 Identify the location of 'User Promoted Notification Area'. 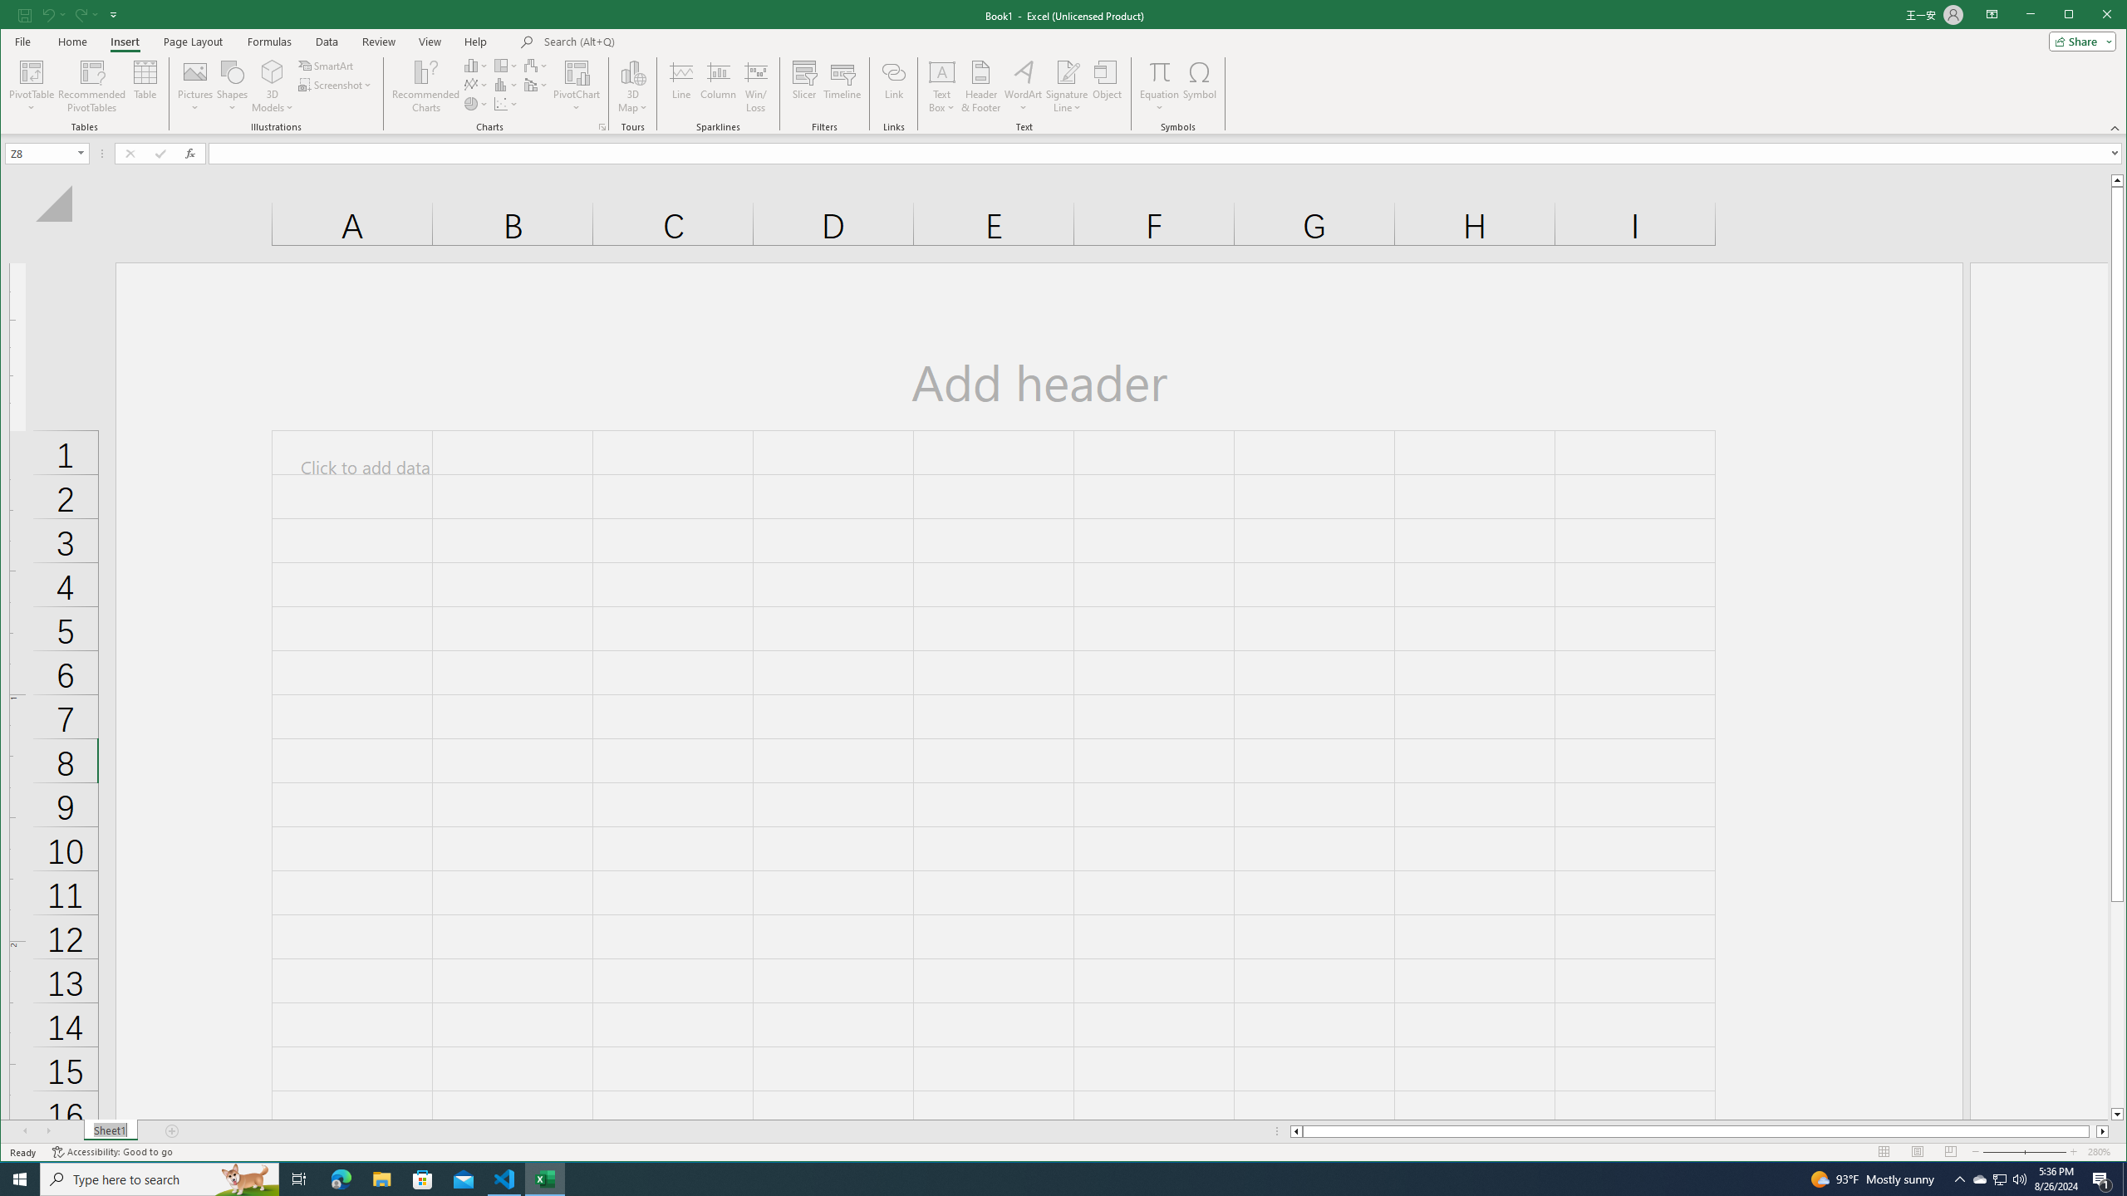
(1998, 1178).